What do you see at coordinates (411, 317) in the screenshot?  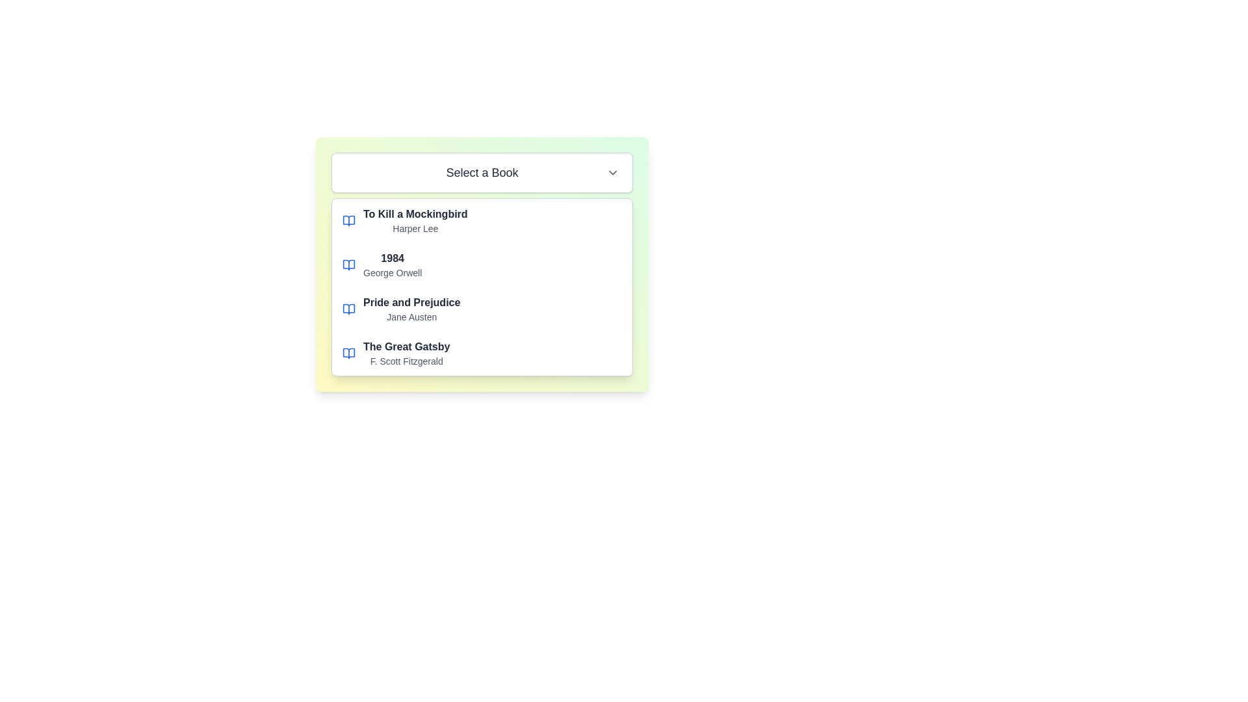 I see `the text label displaying metadata for the book 'Pride and Prejudice', which shows 'Jane Austen' in a small, gray-colored font located directly beneath the title` at bounding box center [411, 317].